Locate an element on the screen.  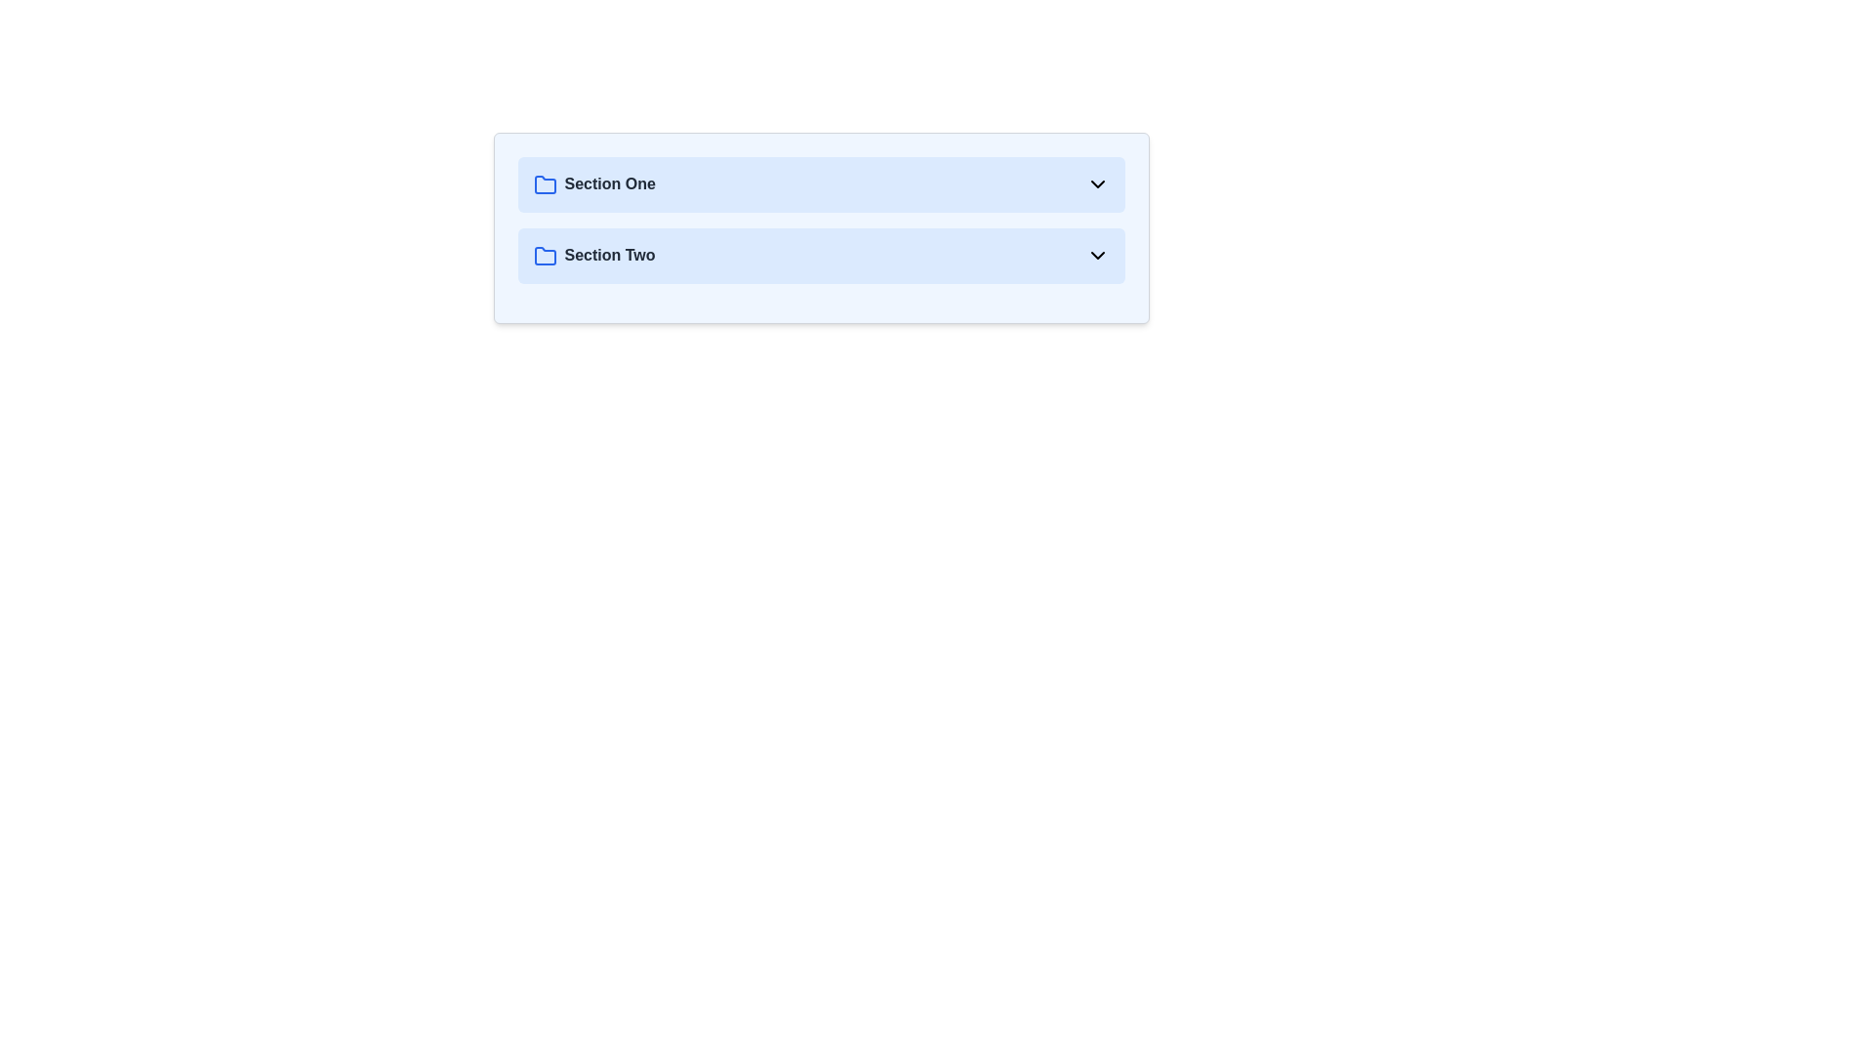
the folder icon representing 'Section One' is located at coordinates (545, 184).